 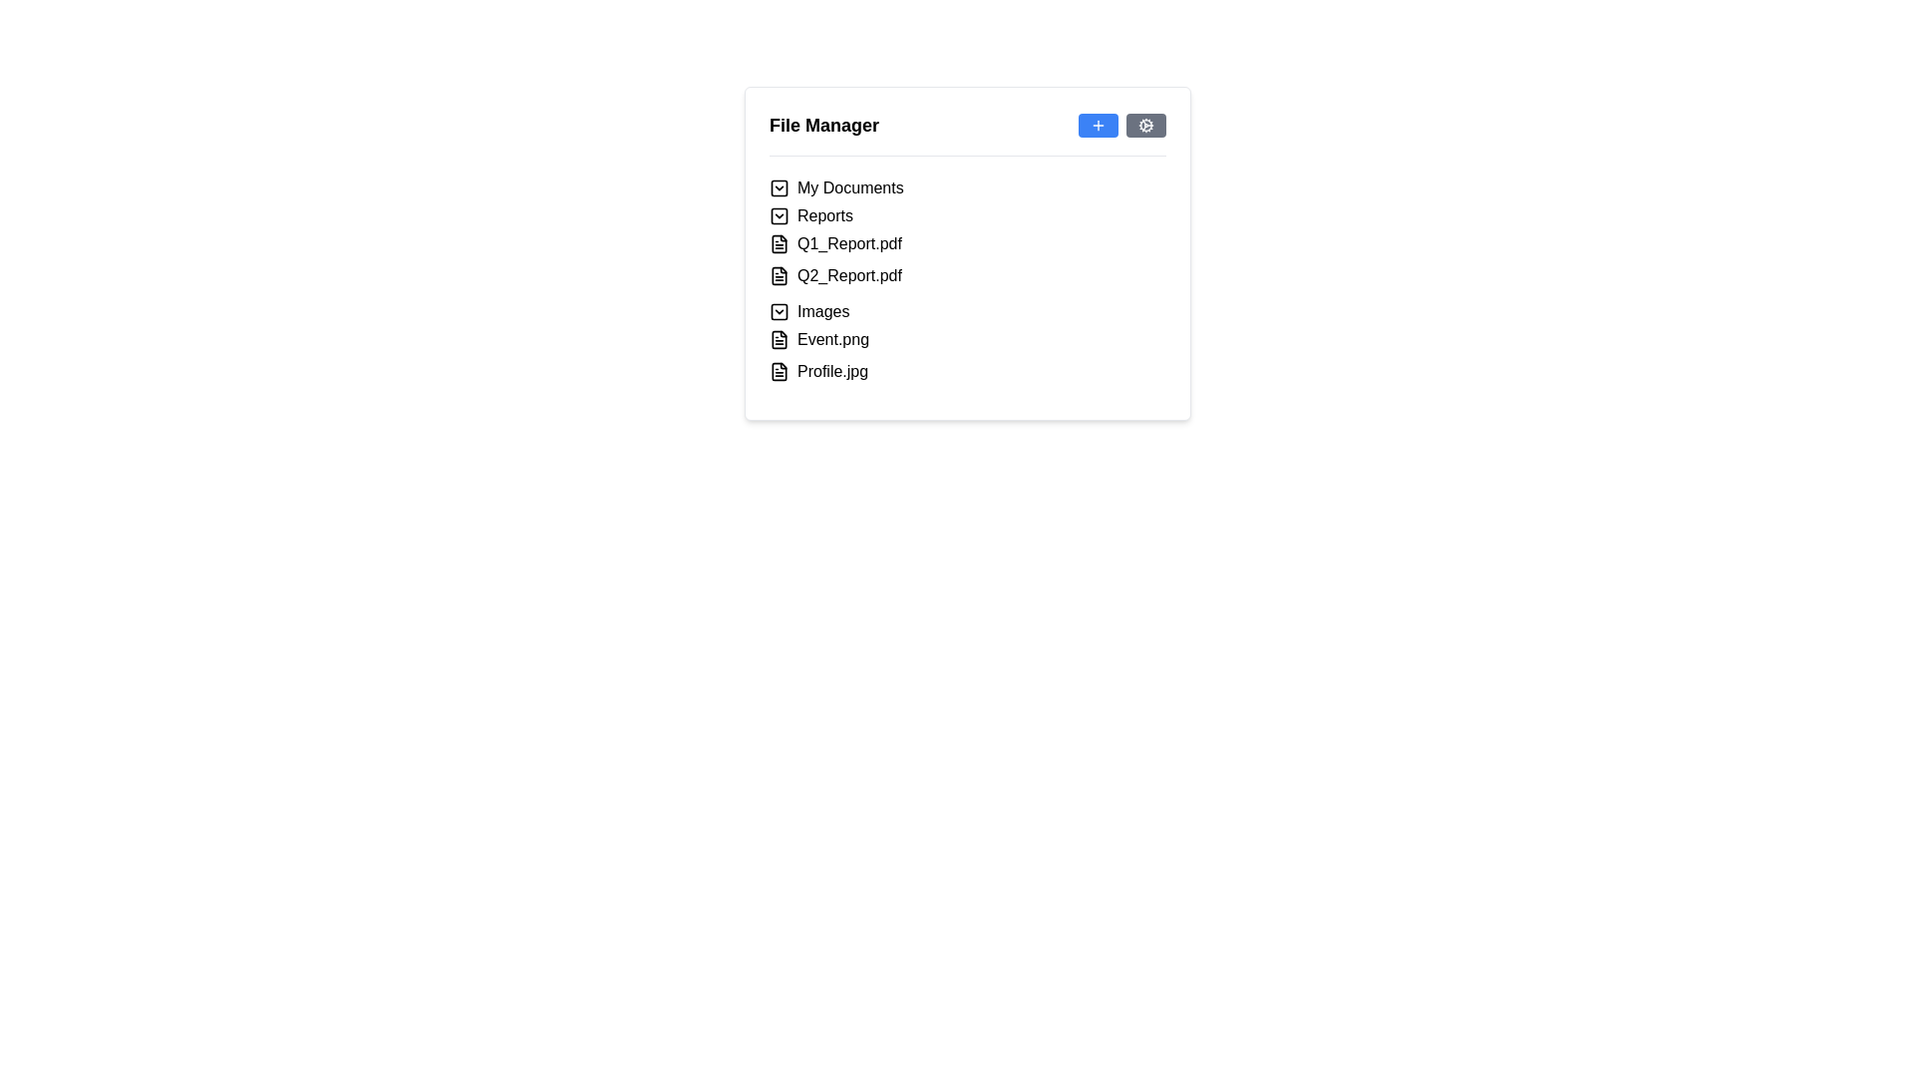 I want to click on the label for 'Q1_Report.pdf' located under the 'Reports' section, so click(x=849, y=243).